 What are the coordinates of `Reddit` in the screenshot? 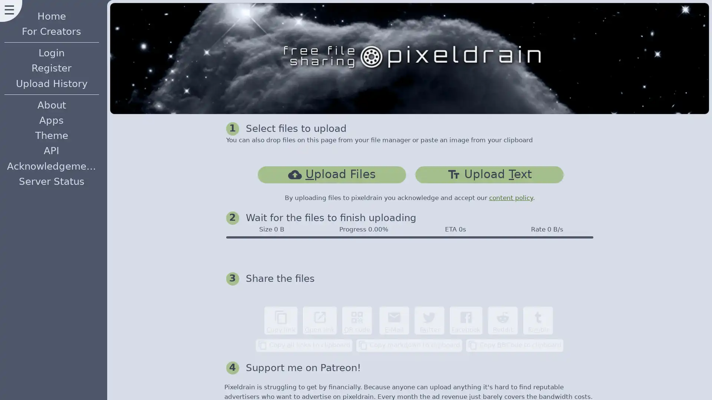 It's located at (503, 320).